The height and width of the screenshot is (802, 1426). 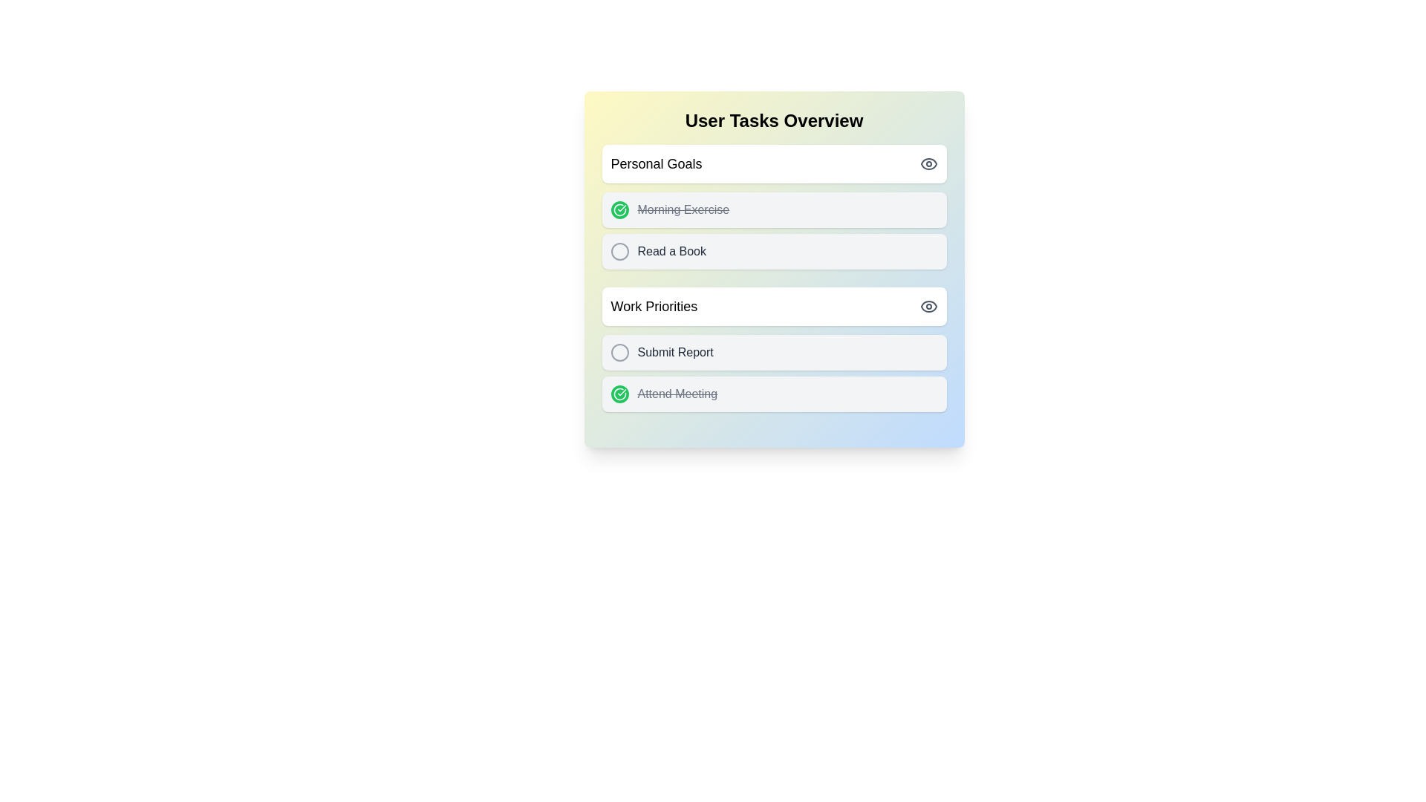 What do you see at coordinates (928, 305) in the screenshot?
I see `the icon in the upper-right corner of the 'Work Priorities' card` at bounding box center [928, 305].